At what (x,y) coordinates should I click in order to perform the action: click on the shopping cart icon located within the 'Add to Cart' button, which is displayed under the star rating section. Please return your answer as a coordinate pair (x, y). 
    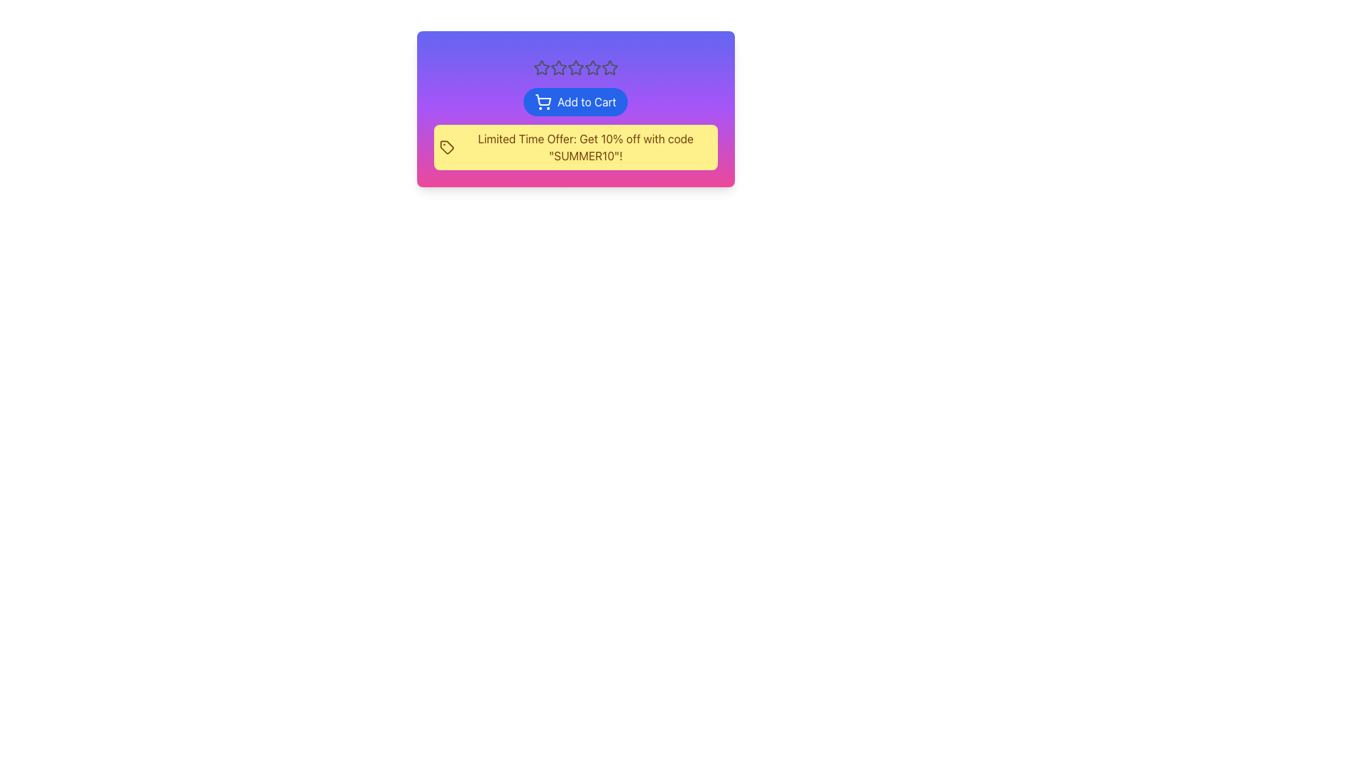
    Looking at the image, I should click on (543, 99).